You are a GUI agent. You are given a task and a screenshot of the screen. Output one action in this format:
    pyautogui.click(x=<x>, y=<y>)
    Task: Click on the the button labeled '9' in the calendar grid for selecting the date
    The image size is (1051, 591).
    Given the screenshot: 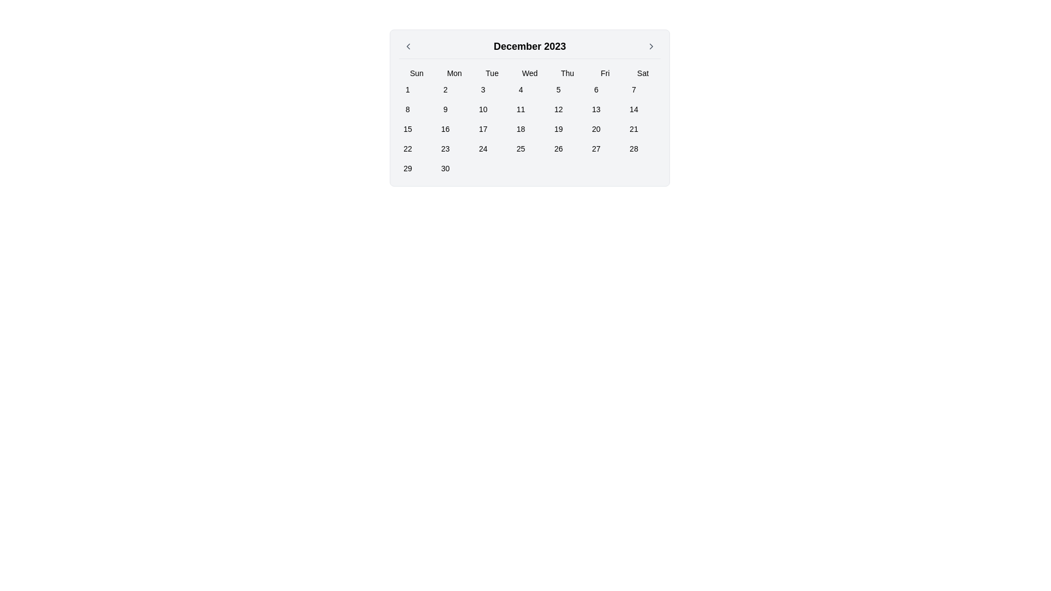 What is the action you would take?
    pyautogui.click(x=445, y=109)
    